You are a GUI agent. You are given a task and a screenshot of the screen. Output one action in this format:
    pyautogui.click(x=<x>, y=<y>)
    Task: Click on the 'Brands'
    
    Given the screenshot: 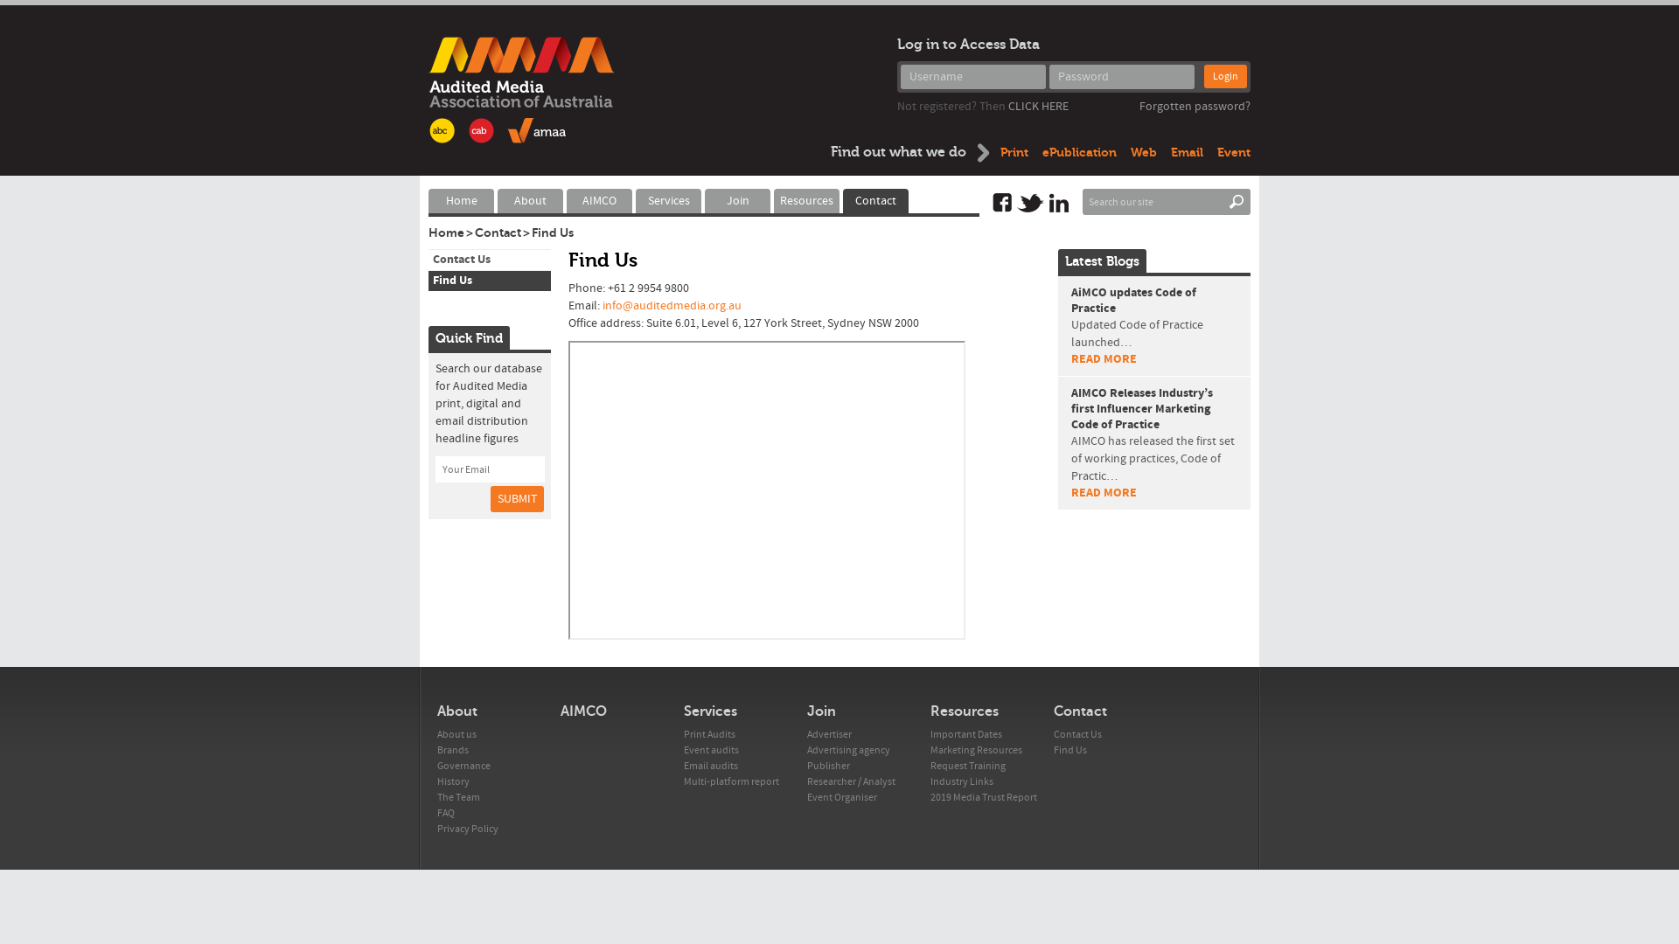 What is the action you would take?
    pyautogui.click(x=453, y=749)
    